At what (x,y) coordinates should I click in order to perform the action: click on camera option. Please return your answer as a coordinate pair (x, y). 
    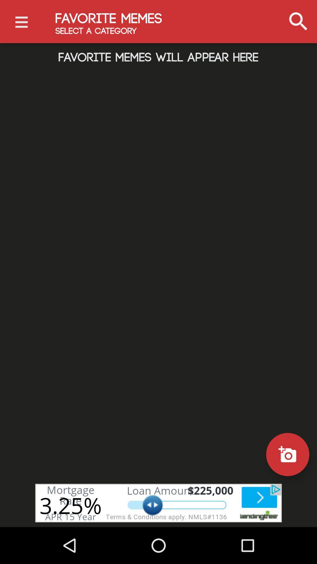
    Looking at the image, I should click on (287, 454).